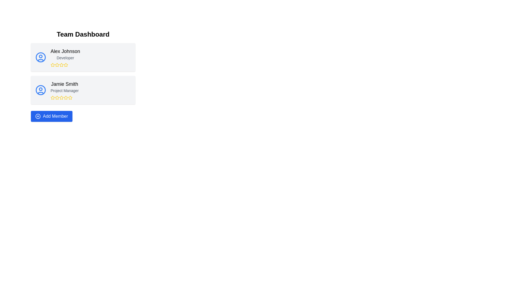 This screenshot has height=295, width=525. What do you see at coordinates (57, 98) in the screenshot?
I see `the third yellow star icon in the rating system located below the 'Jamie Smith' text block in the second entry of the list` at bounding box center [57, 98].